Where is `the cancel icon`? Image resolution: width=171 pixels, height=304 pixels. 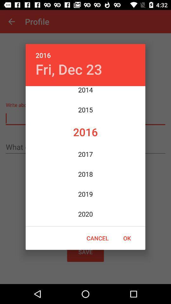 the cancel icon is located at coordinates (98, 238).